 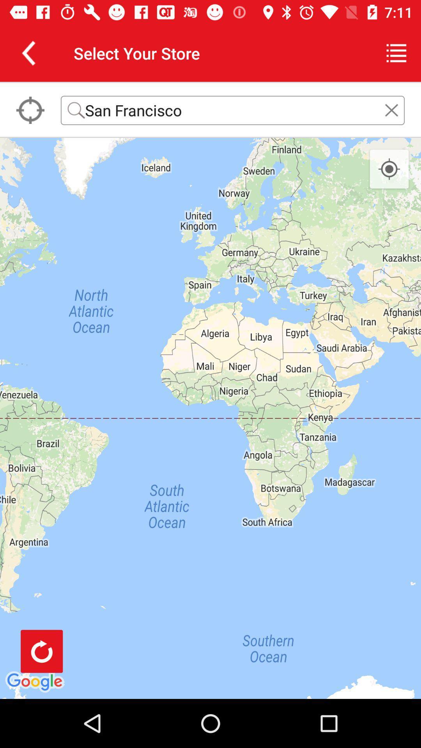 I want to click on the location_crosshair icon, so click(x=30, y=110).